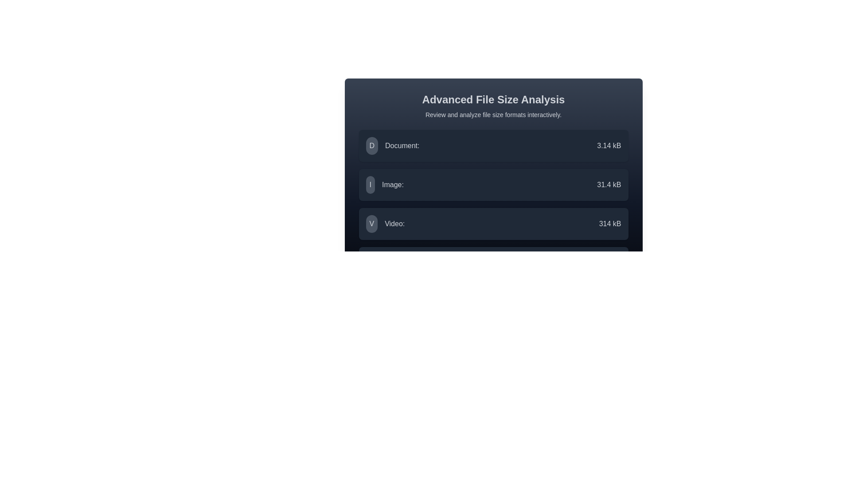 This screenshot has width=851, height=479. What do you see at coordinates (493, 224) in the screenshot?
I see `the Informational tile displaying 'Video: 314 kB'` at bounding box center [493, 224].